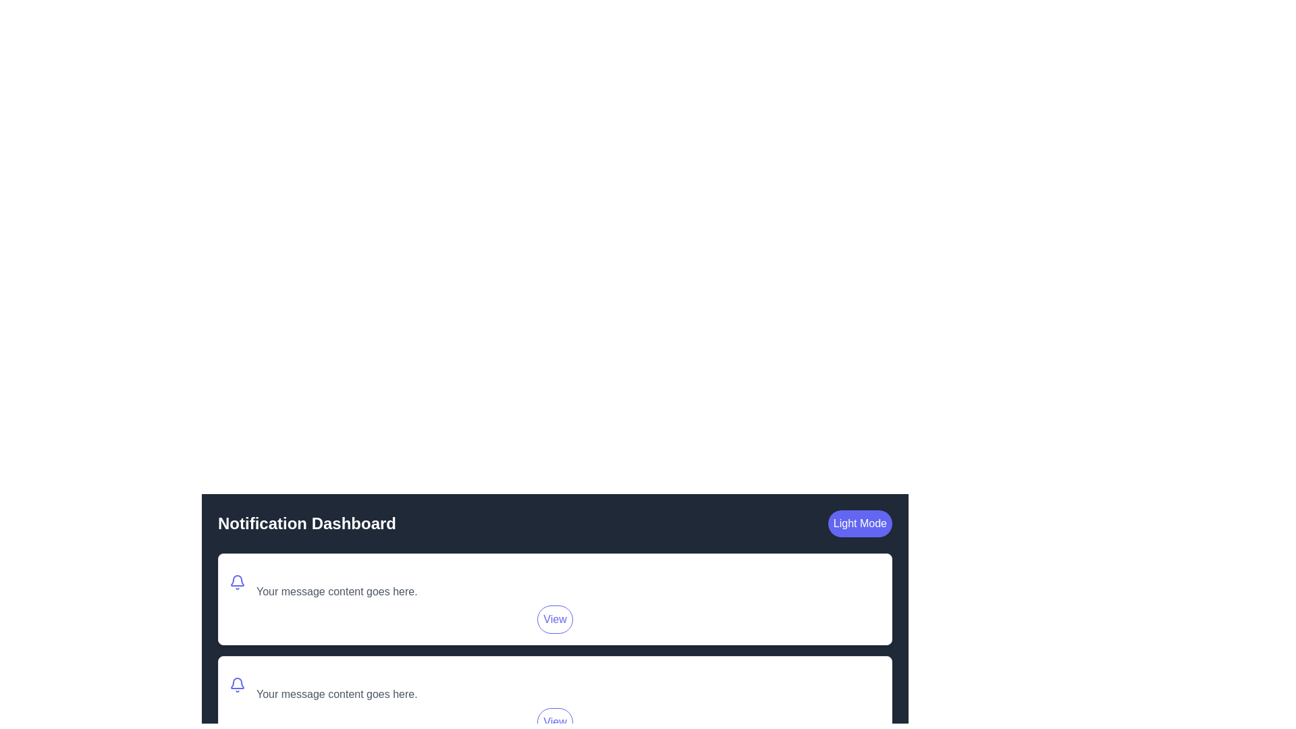 Image resolution: width=1296 pixels, height=729 pixels. I want to click on the text display that shows 'Your message content goes here.' located below the heading 'Notification 2' in the second notification item, so click(337, 684).